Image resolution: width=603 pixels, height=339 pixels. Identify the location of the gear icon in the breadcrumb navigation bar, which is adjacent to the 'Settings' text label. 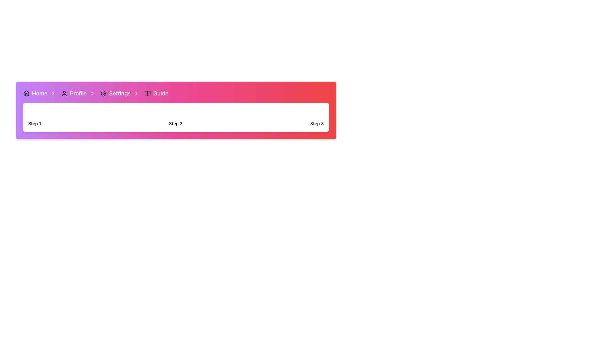
(103, 93).